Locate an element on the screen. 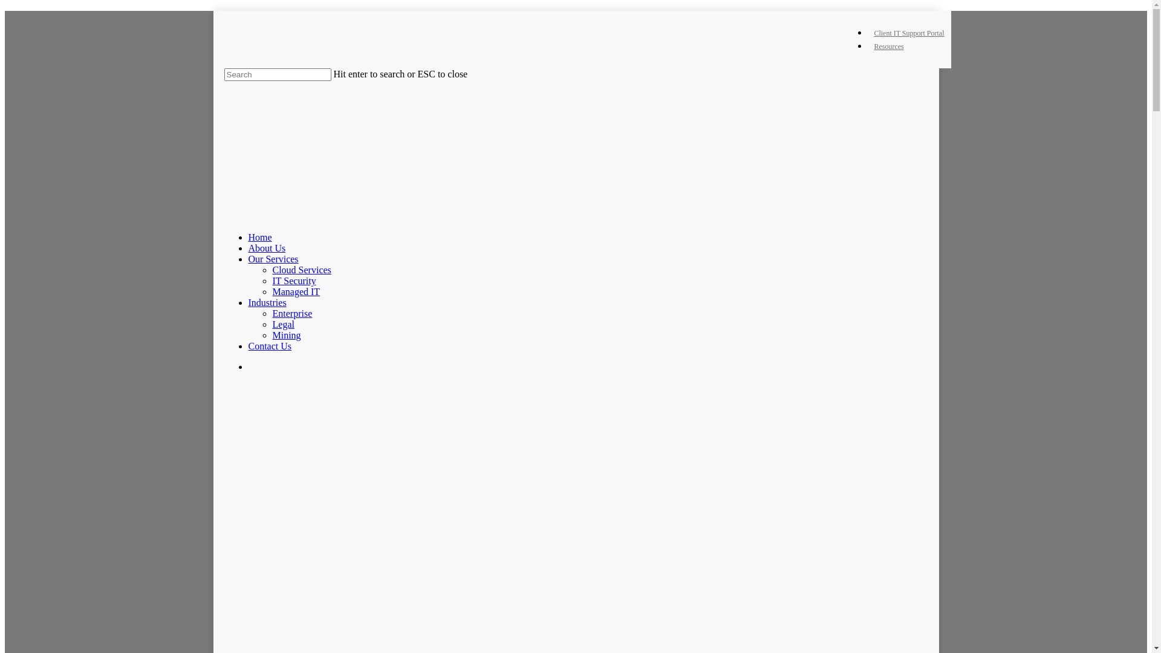  'Resources' is located at coordinates (888, 46).